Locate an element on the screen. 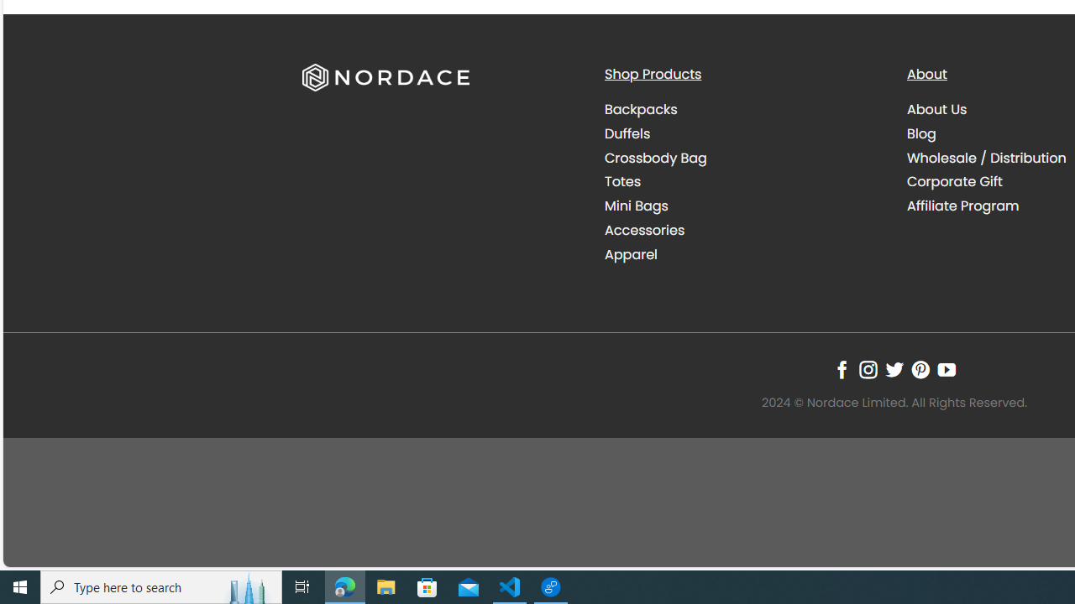 The width and height of the screenshot is (1075, 604). 'Duffels' is located at coordinates (626, 133).